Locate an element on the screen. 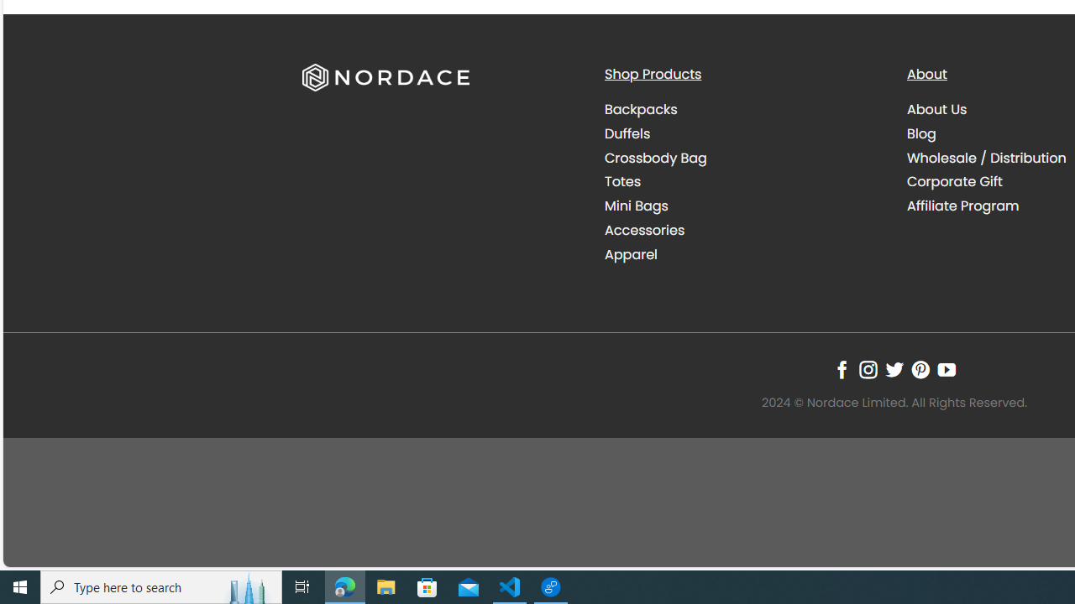 The width and height of the screenshot is (1075, 604). 'Duffels' is located at coordinates (626, 133).